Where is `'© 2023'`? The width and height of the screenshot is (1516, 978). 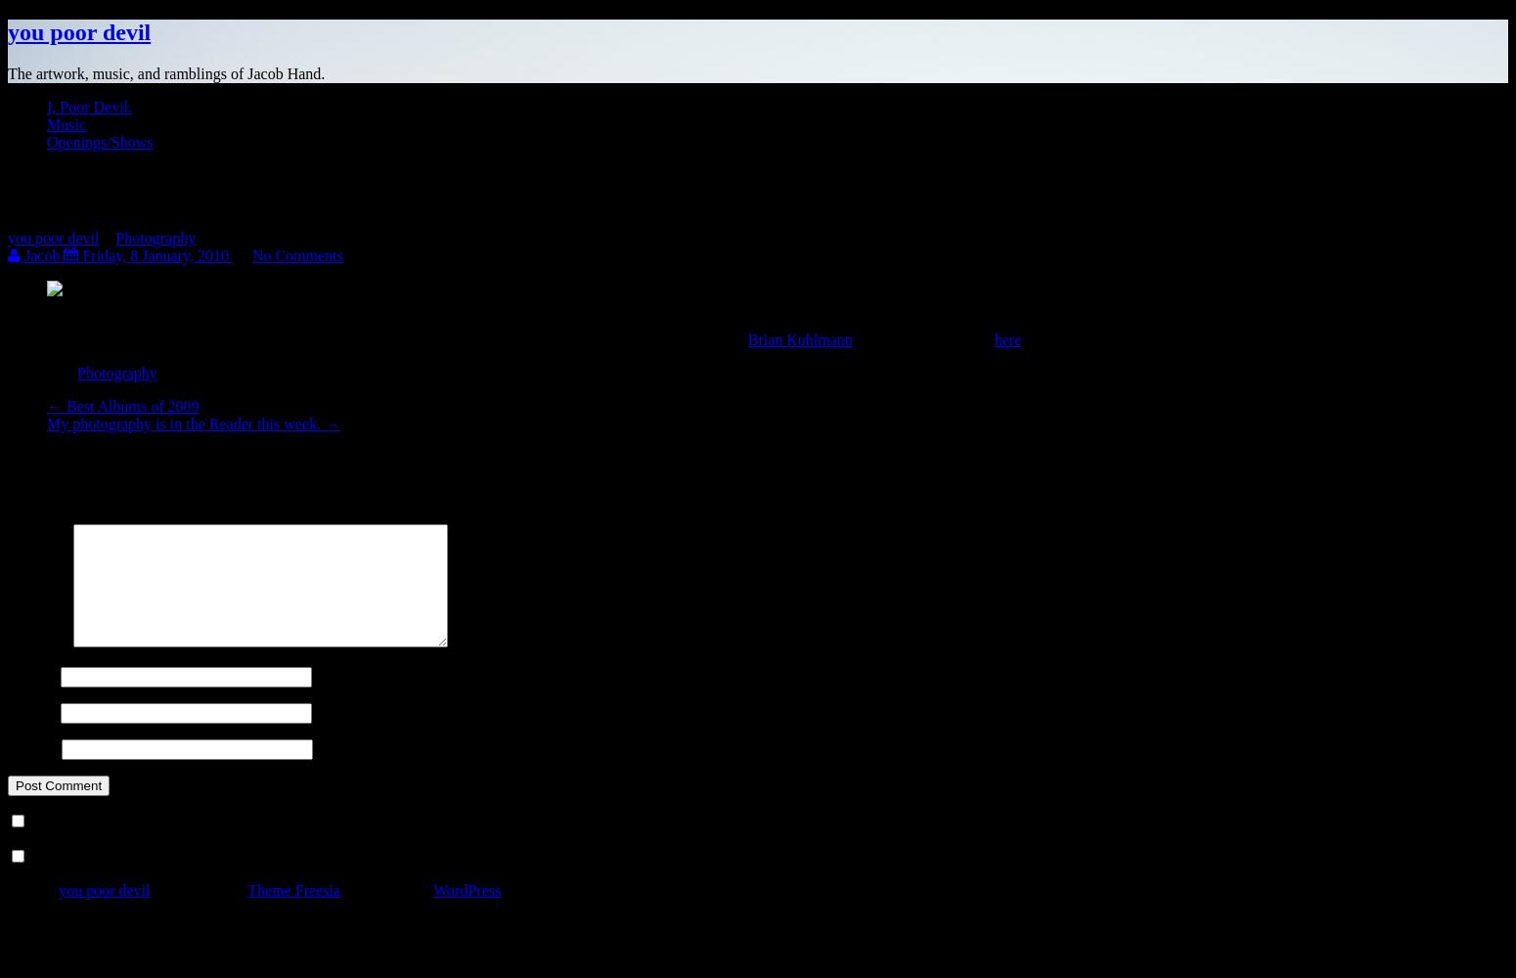
'© 2023' is located at coordinates (31, 890).